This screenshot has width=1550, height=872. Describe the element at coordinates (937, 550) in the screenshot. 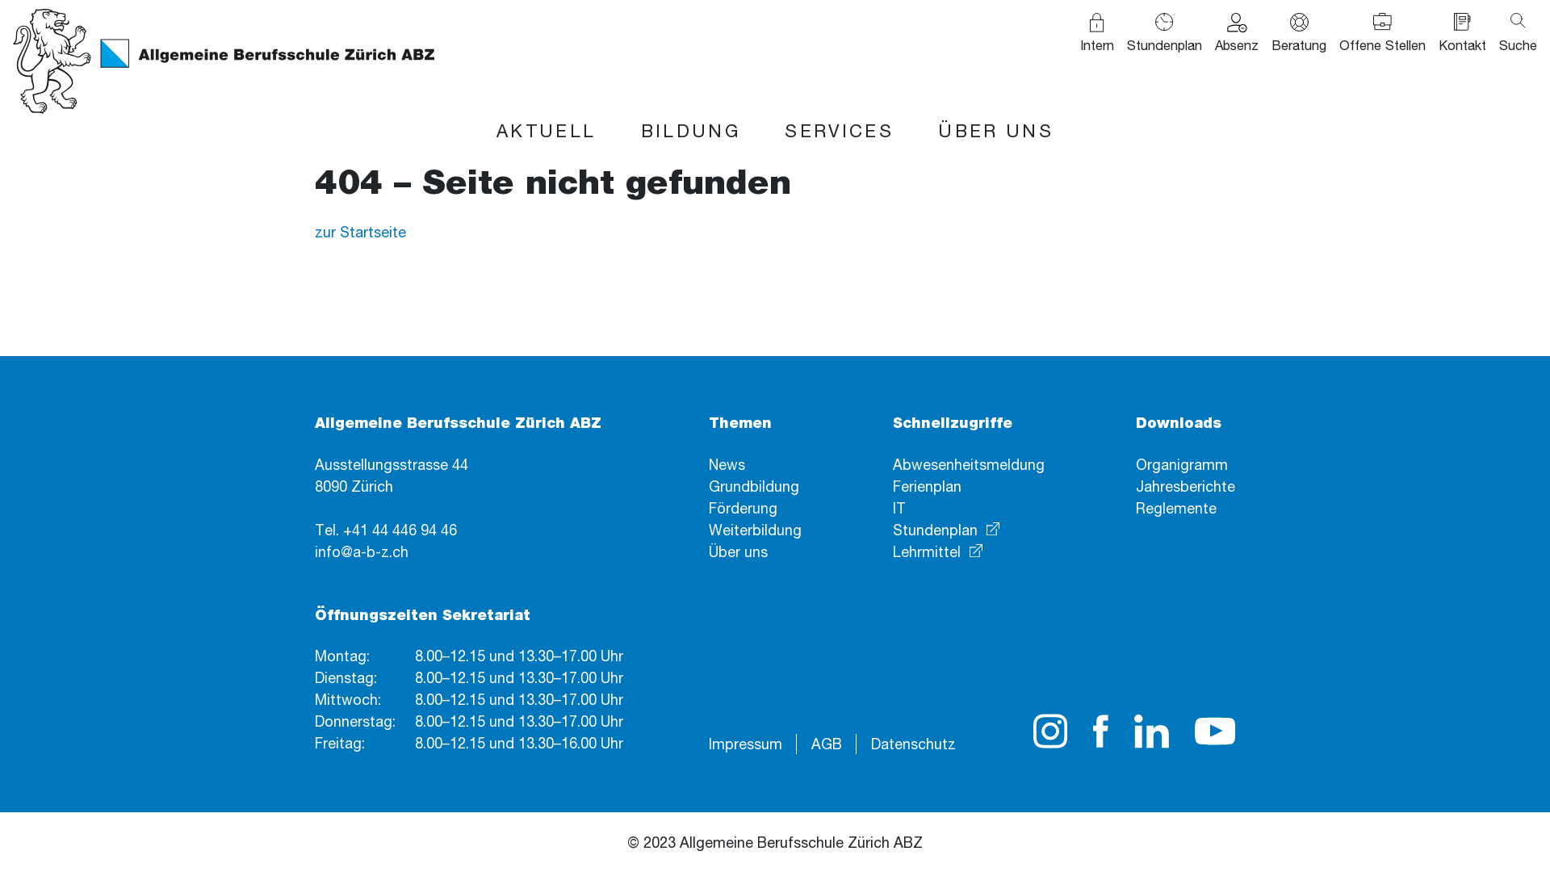

I see `'Lehrmittel'` at that location.